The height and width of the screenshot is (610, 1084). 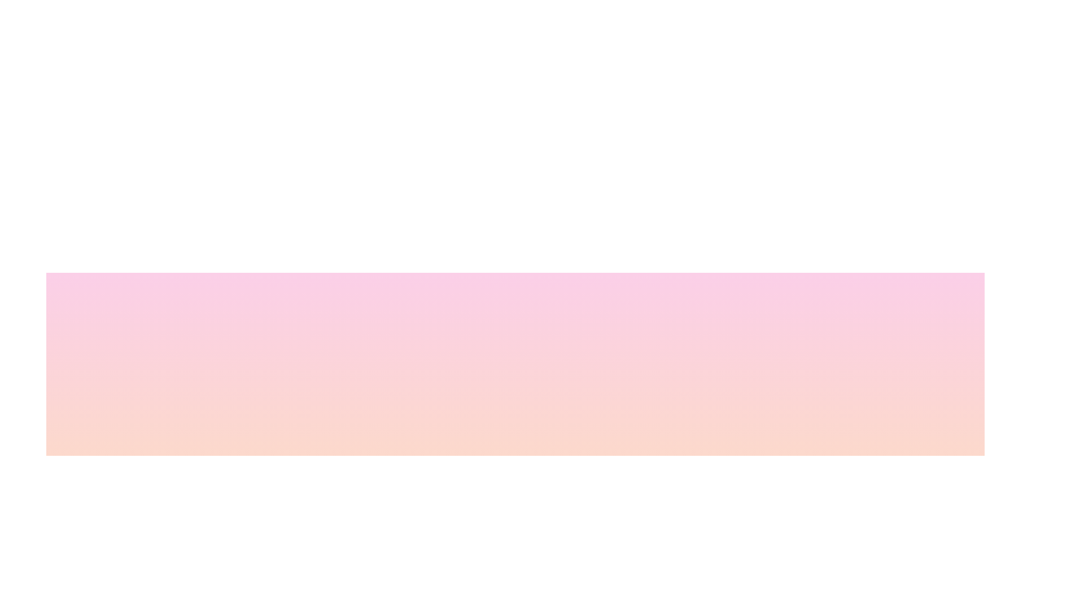 What do you see at coordinates (433, 577) in the screenshot?
I see `the background to trigger an event` at bounding box center [433, 577].